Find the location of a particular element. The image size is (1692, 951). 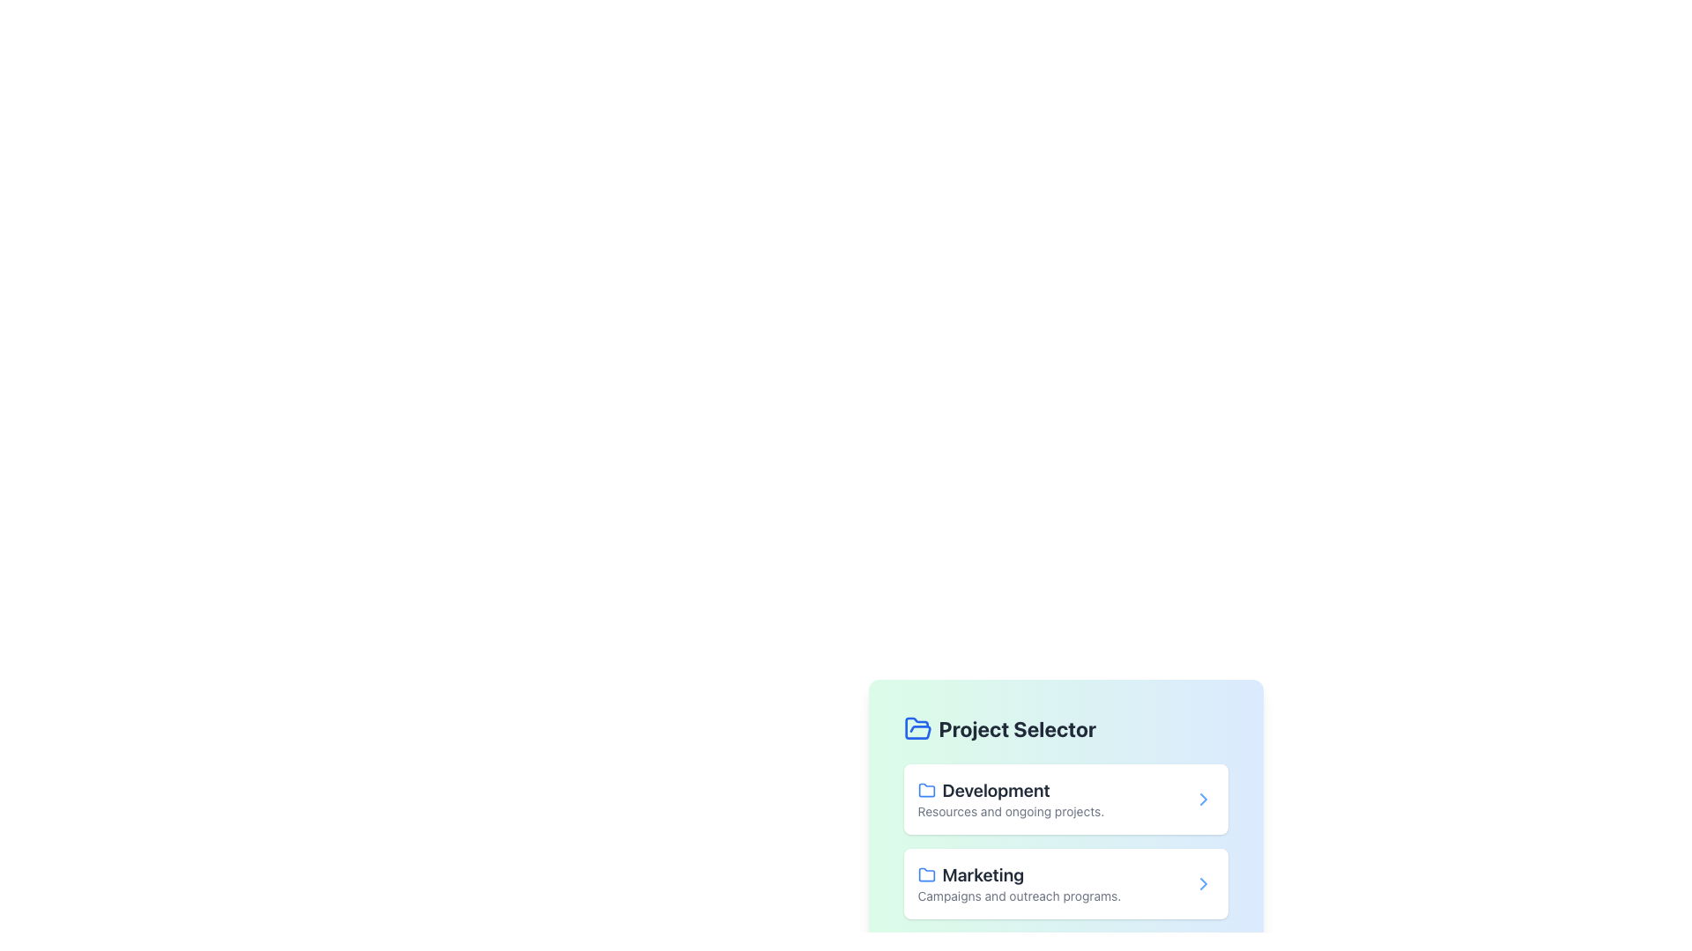

the 'Marketing' icon located to the left of the text 'Marketing' is located at coordinates (925, 875).